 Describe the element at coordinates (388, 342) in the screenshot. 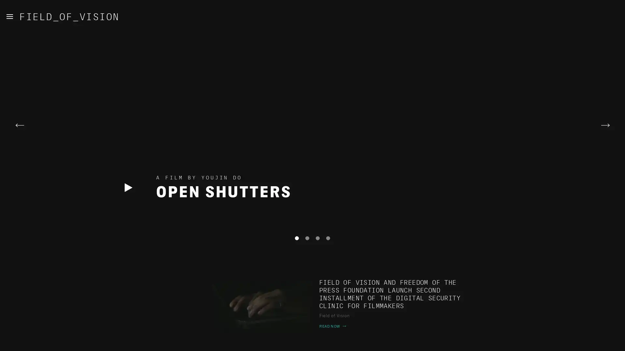

I see `BY SUBSCRIBING YOU AGREE TO OUR TERMS & PRIVACY POLICY.` at that location.